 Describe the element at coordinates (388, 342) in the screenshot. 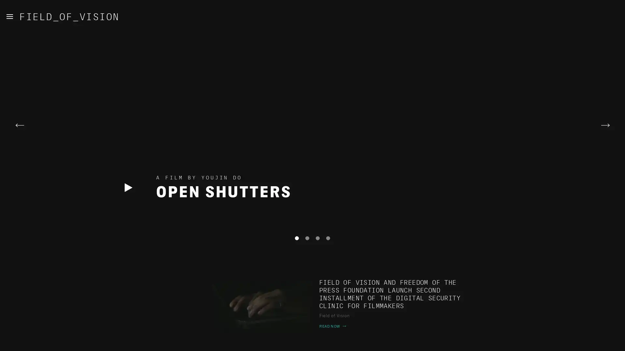

I see `BY SUBSCRIBING YOU AGREE TO OUR TERMS & PRIVACY POLICY.` at that location.